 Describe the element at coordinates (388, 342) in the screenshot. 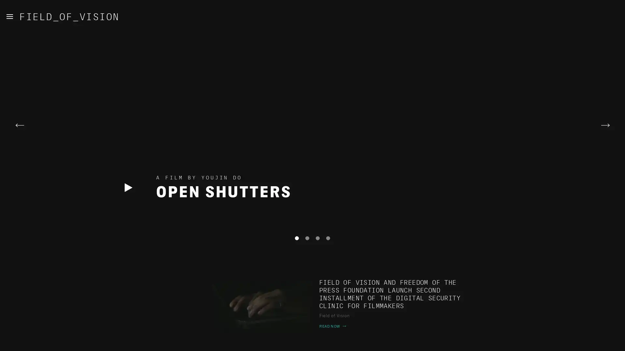

I see `BY SUBSCRIBING YOU AGREE TO OUR TERMS & PRIVACY POLICY.` at that location.